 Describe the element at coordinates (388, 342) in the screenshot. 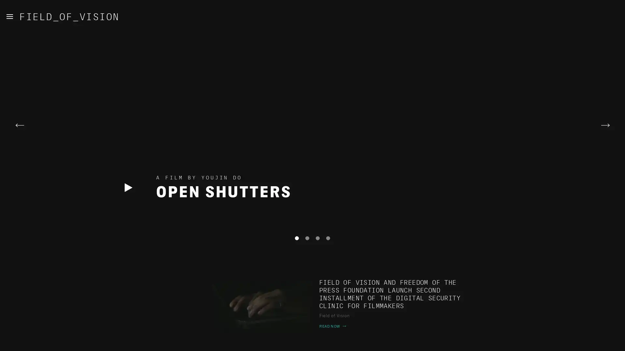

I see `BY SUBSCRIBING YOU AGREE TO OUR TERMS & PRIVACY POLICY.` at that location.